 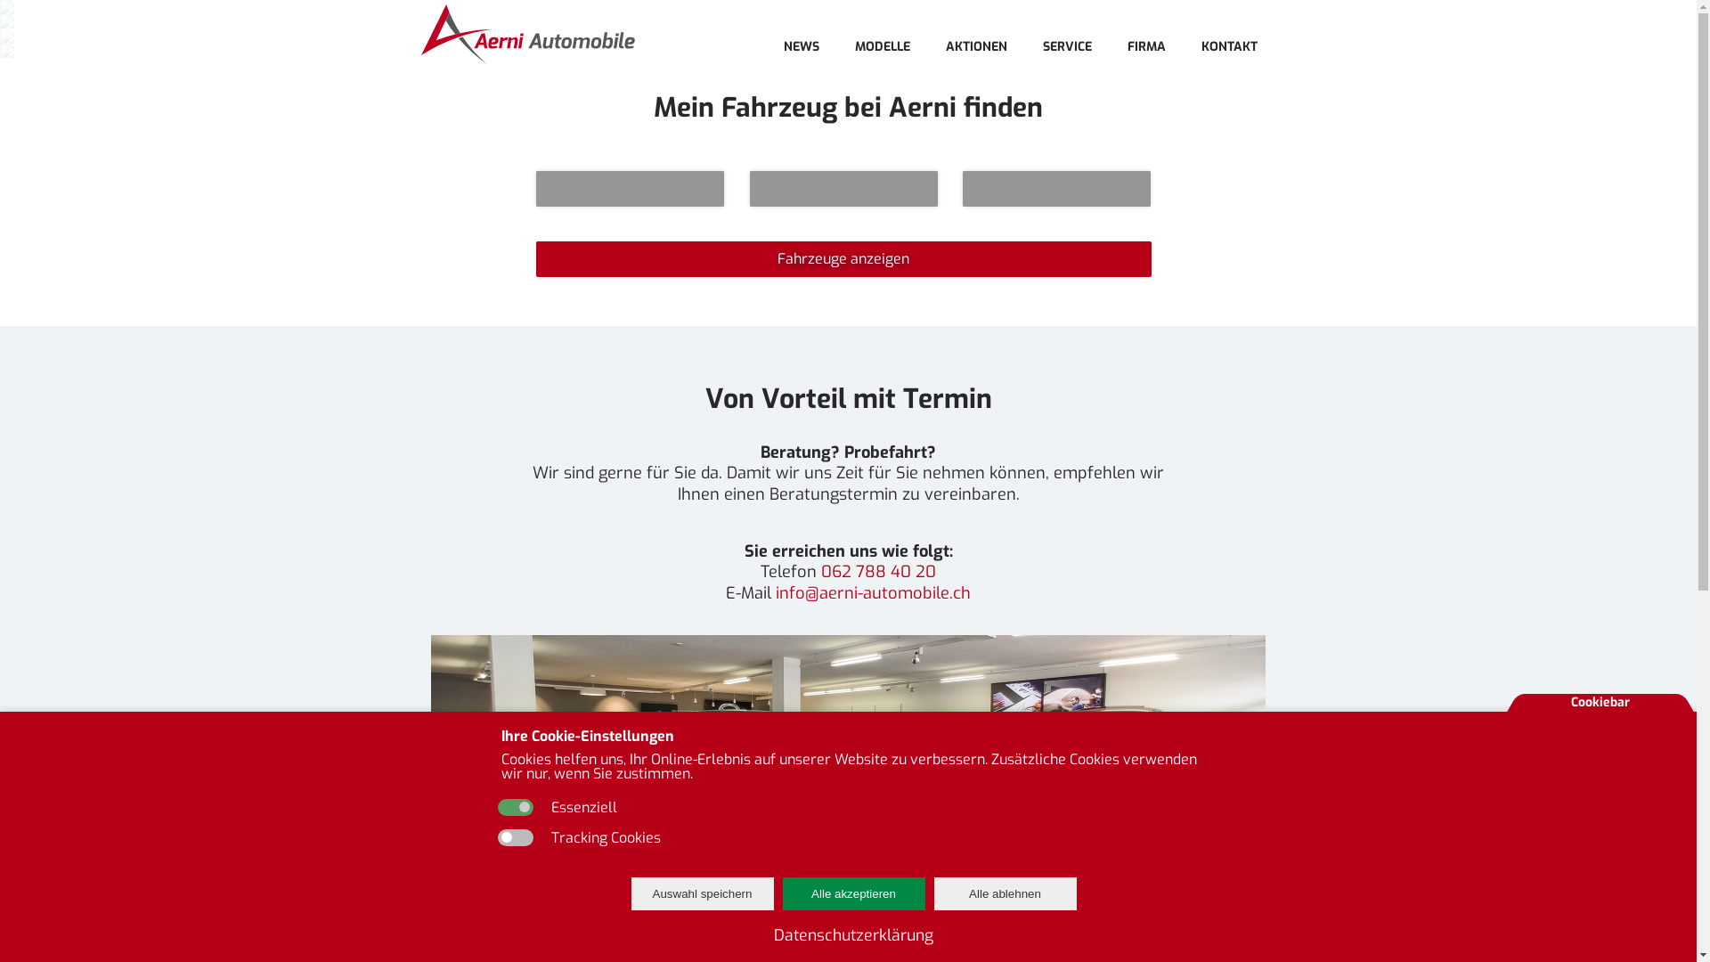 I want to click on 'Alle ablehnen', so click(x=1005, y=893).